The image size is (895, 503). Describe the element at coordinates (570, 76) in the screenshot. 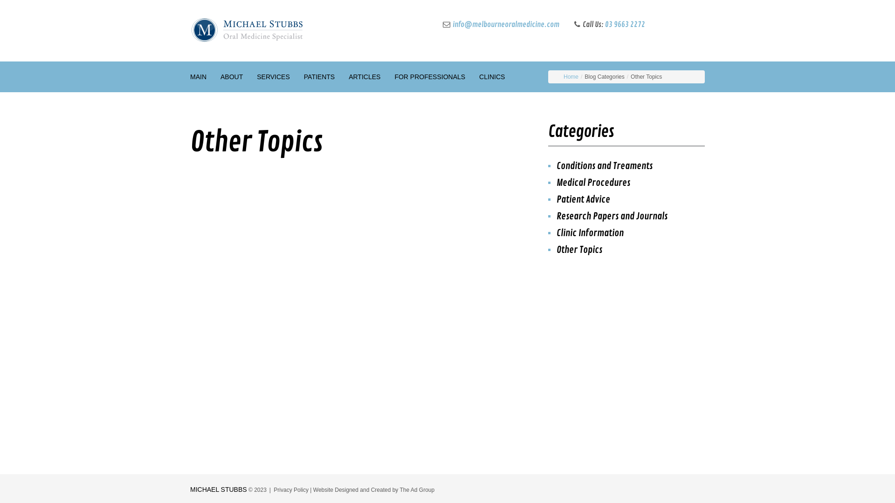

I see `'Home'` at that location.